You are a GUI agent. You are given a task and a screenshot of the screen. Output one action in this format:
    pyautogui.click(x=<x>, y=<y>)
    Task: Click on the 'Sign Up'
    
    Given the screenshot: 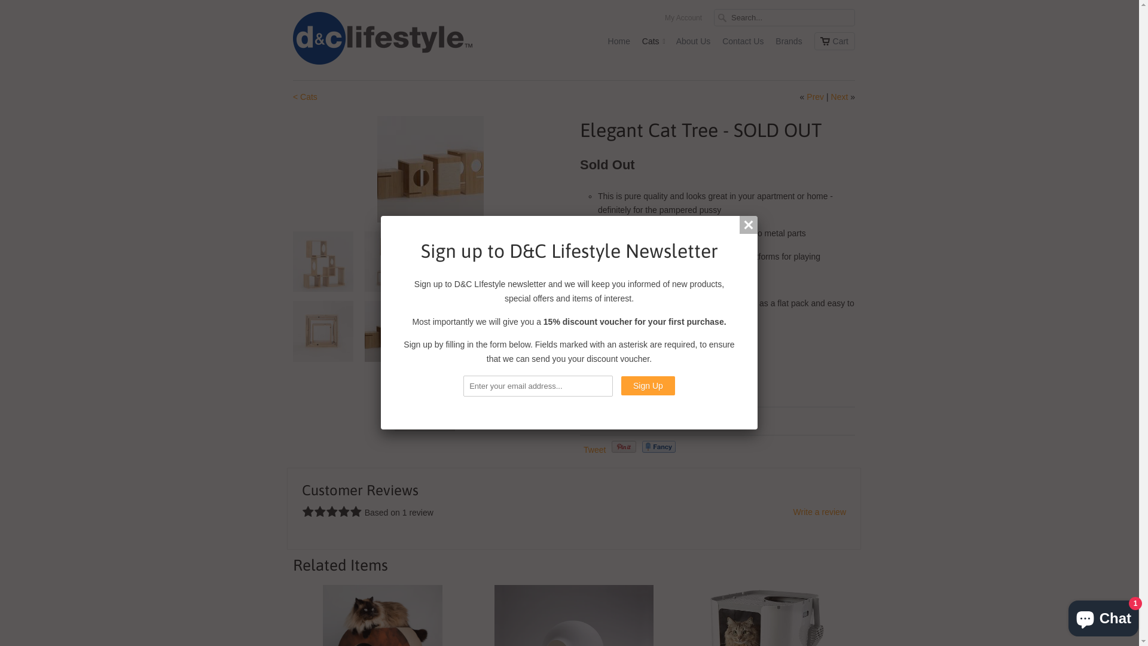 What is the action you would take?
    pyautogui.click(x=648, y=385)
    